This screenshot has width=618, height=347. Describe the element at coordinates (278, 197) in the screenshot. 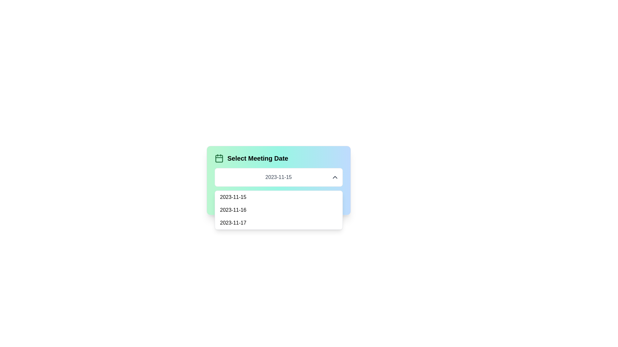

I see `the first option in the dropdown list` at that location.